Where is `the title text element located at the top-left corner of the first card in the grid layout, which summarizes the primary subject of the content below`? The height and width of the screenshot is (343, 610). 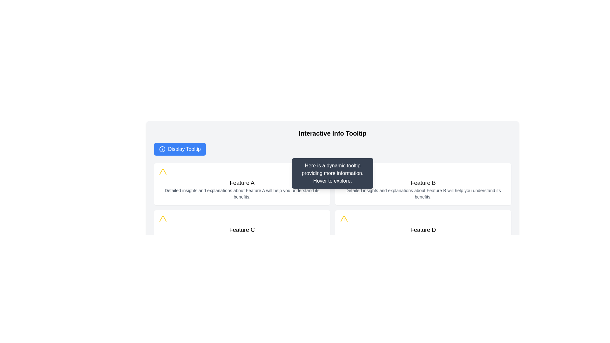 the title text element located at the top-left corner of the first card in the grid layout, which summarizes the primary subject of the content below is located at coordinates (242, 183).